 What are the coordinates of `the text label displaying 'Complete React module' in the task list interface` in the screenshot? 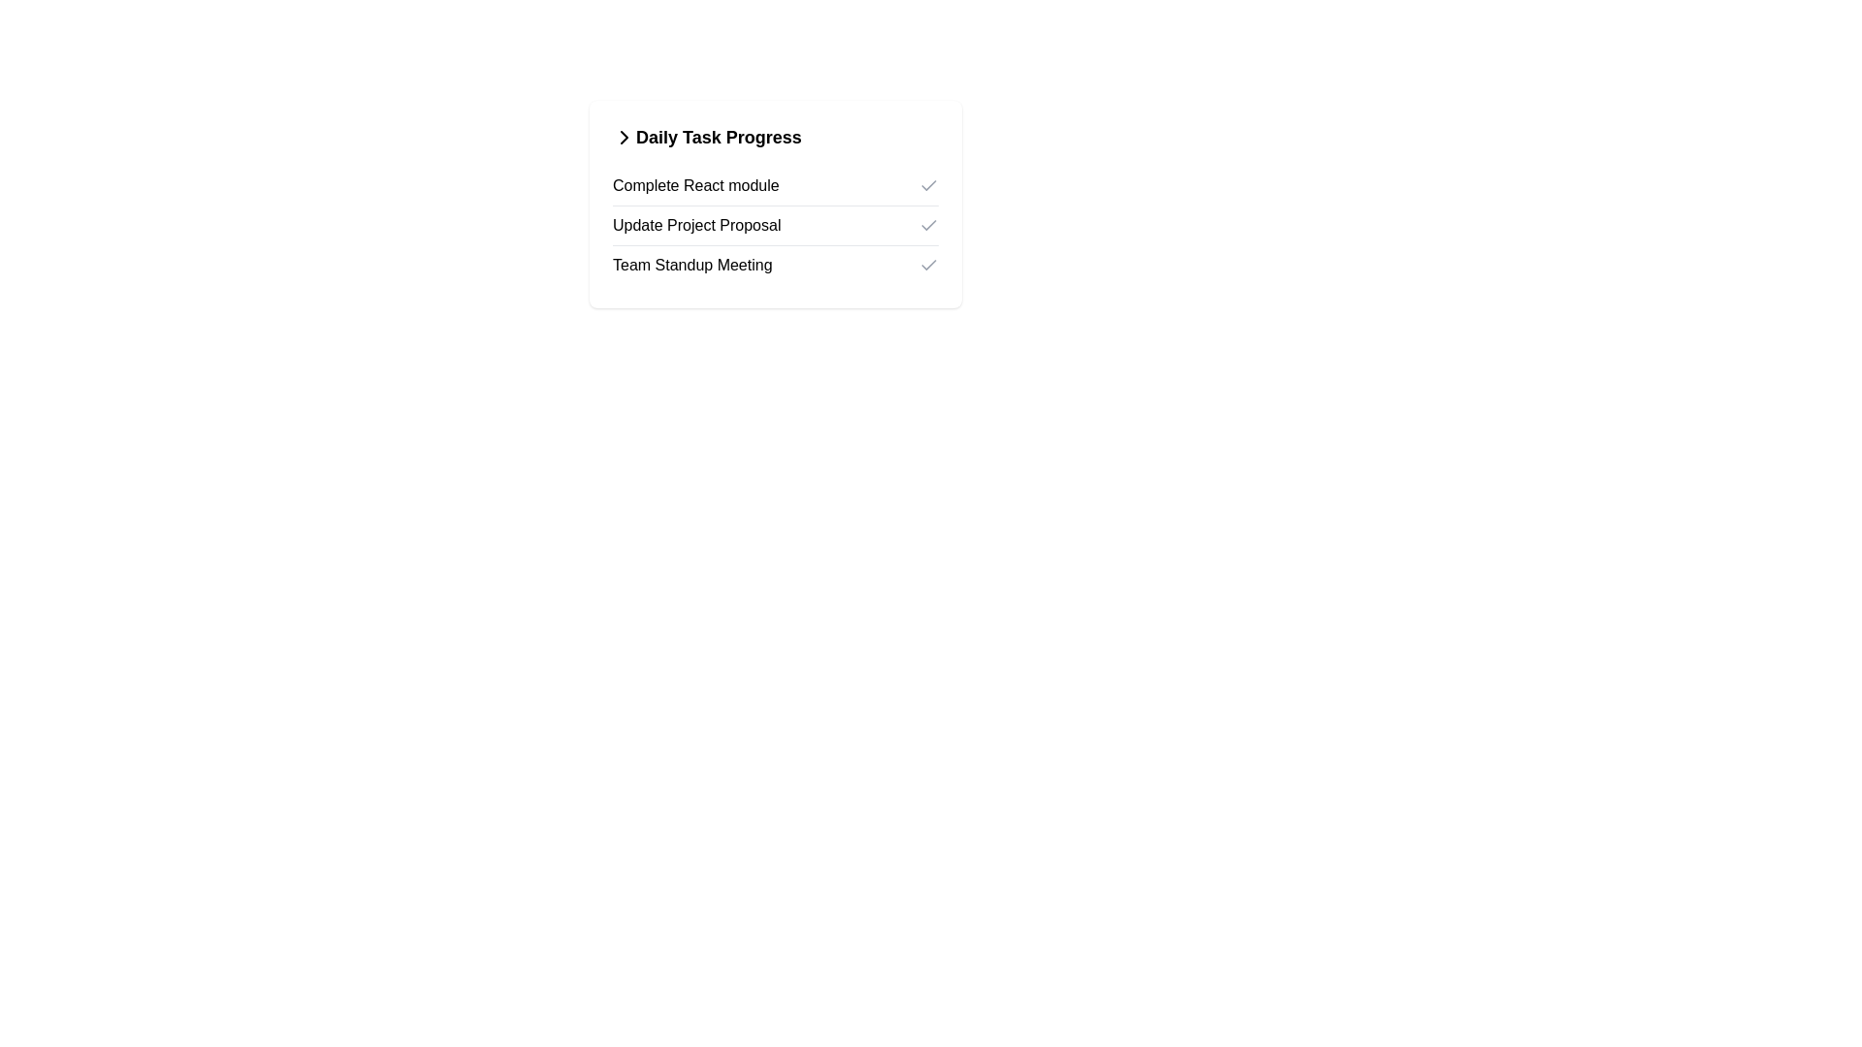 It's located at (695, 186).